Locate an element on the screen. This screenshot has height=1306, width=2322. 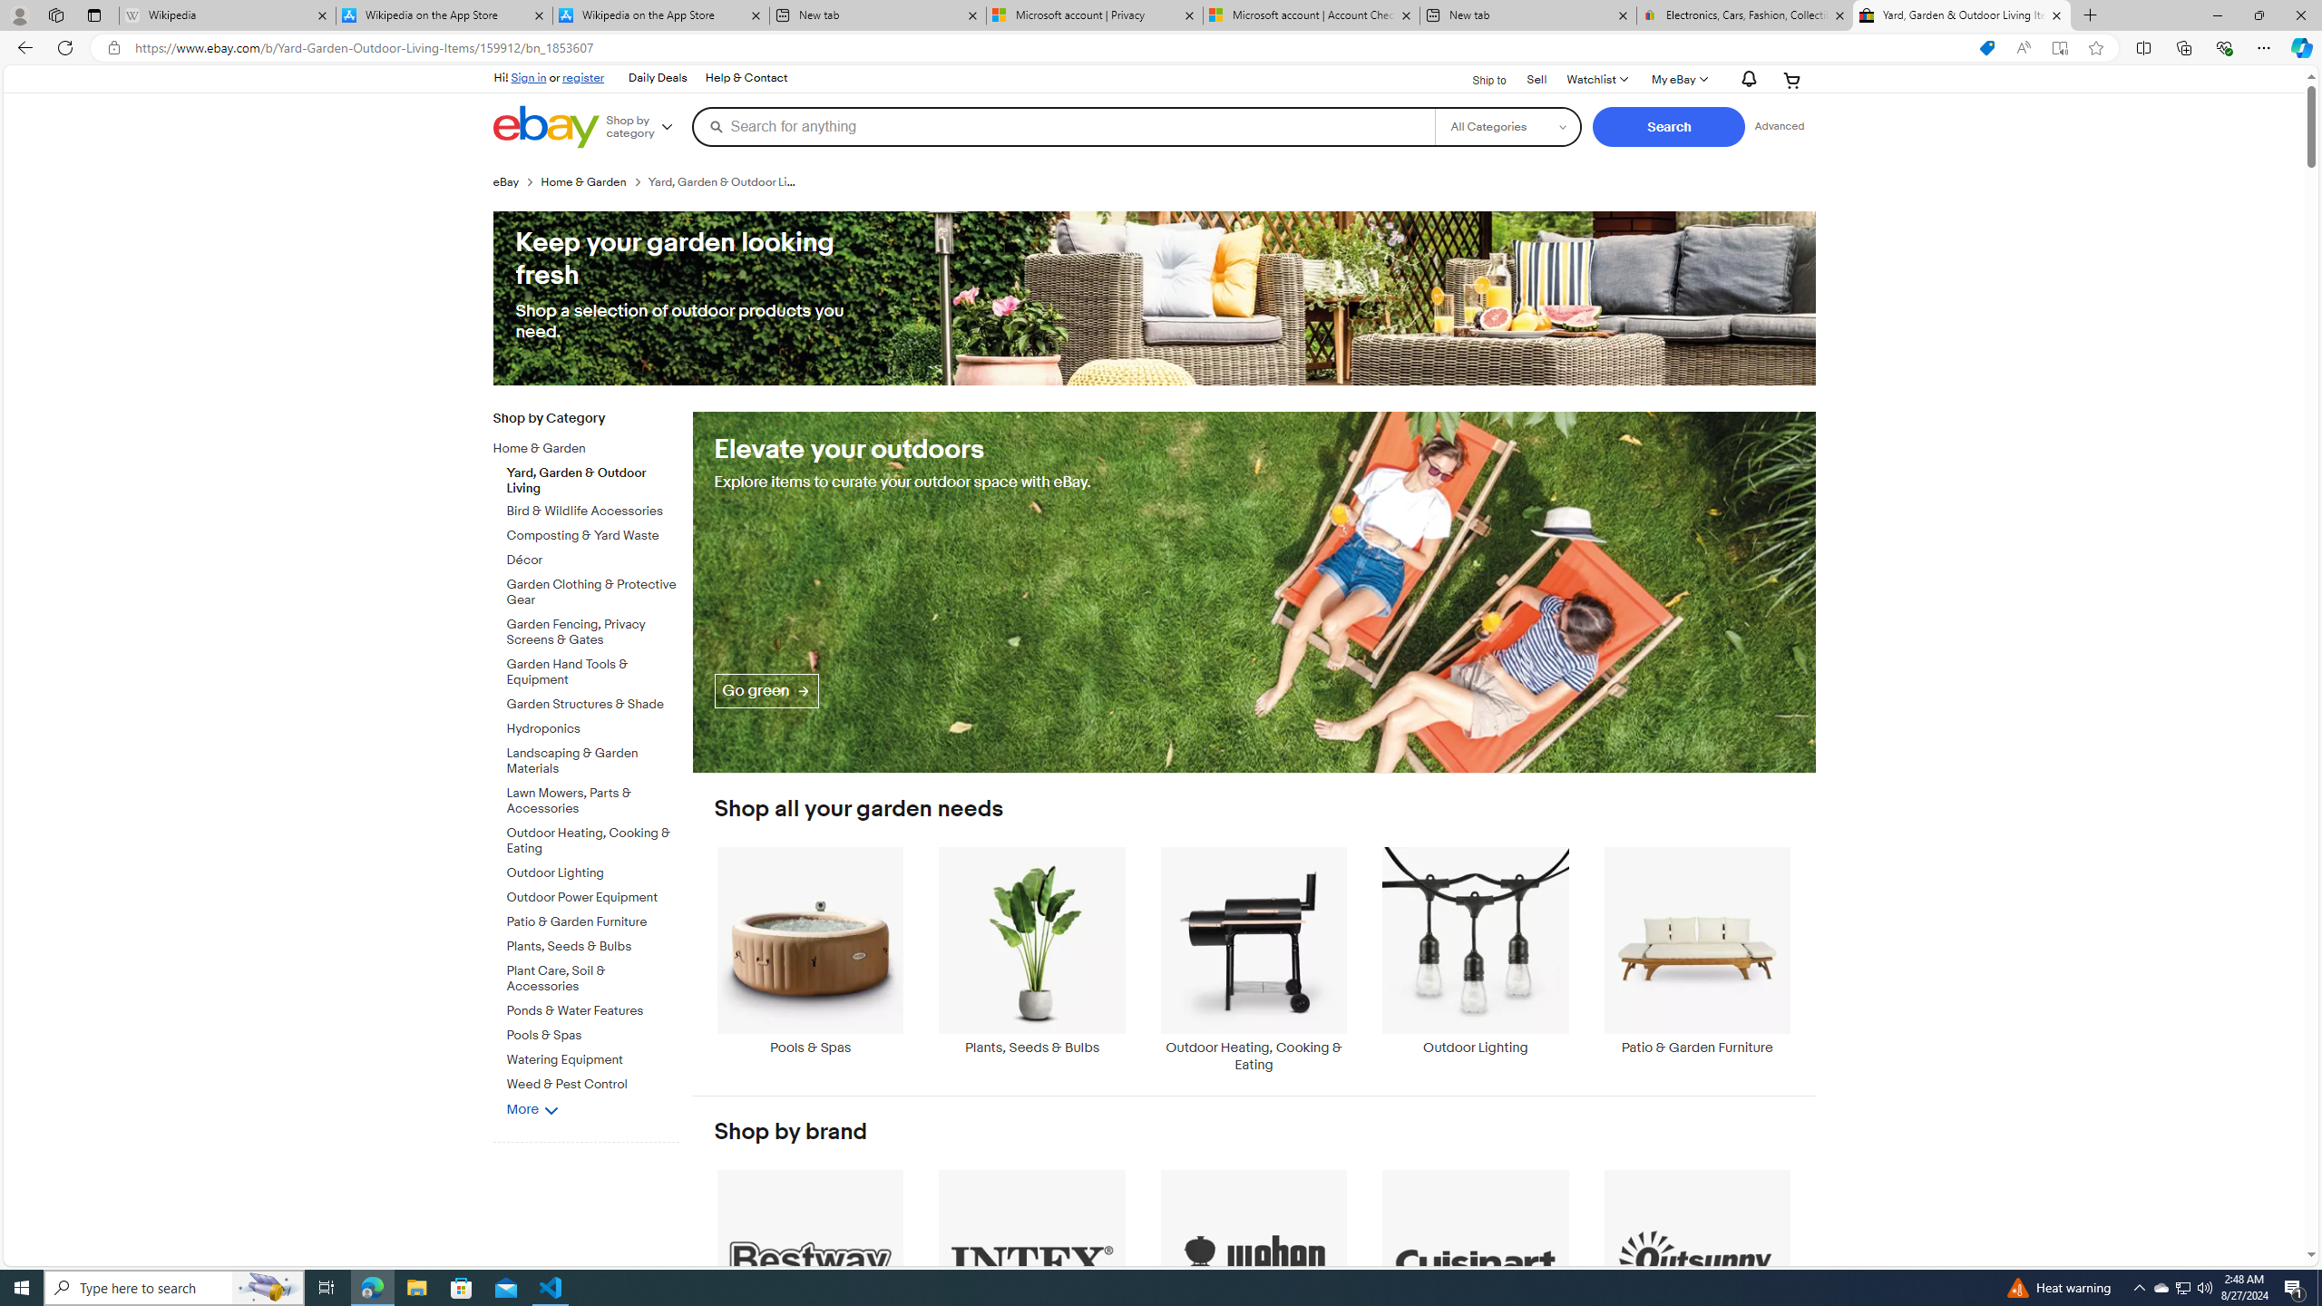
'Garden Hand Tools & Equipment' is located at coordinates (592, 668).